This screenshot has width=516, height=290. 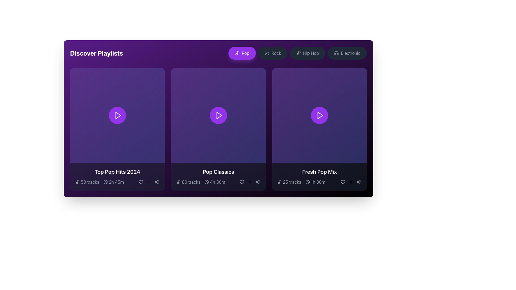 What do you see at coordinates (237, 53) in the screenshot?
I see `the 'Pop' music genre icon, which is located to the left of the 'Pop' label within the purple elliptical button` at bounding box center [237, 53].